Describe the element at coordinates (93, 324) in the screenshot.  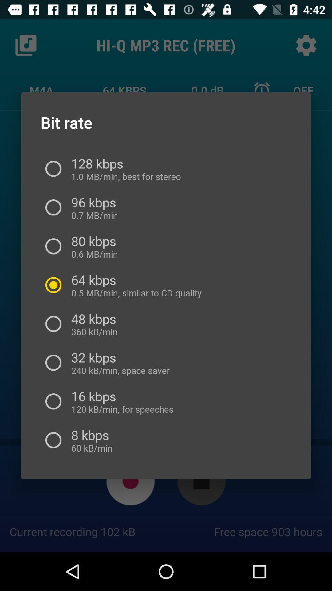
I see `the 48 kbps 360 icon` at that location.